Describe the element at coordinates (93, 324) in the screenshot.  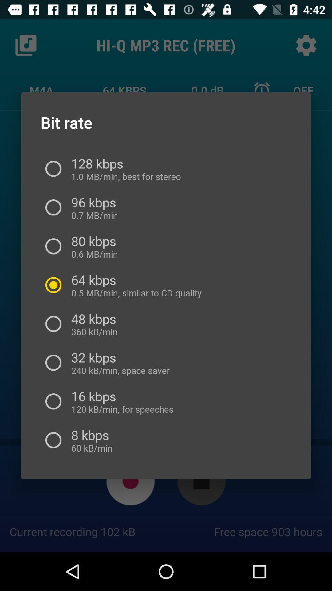
I see `the 48 kbps 360 icon` at that location.